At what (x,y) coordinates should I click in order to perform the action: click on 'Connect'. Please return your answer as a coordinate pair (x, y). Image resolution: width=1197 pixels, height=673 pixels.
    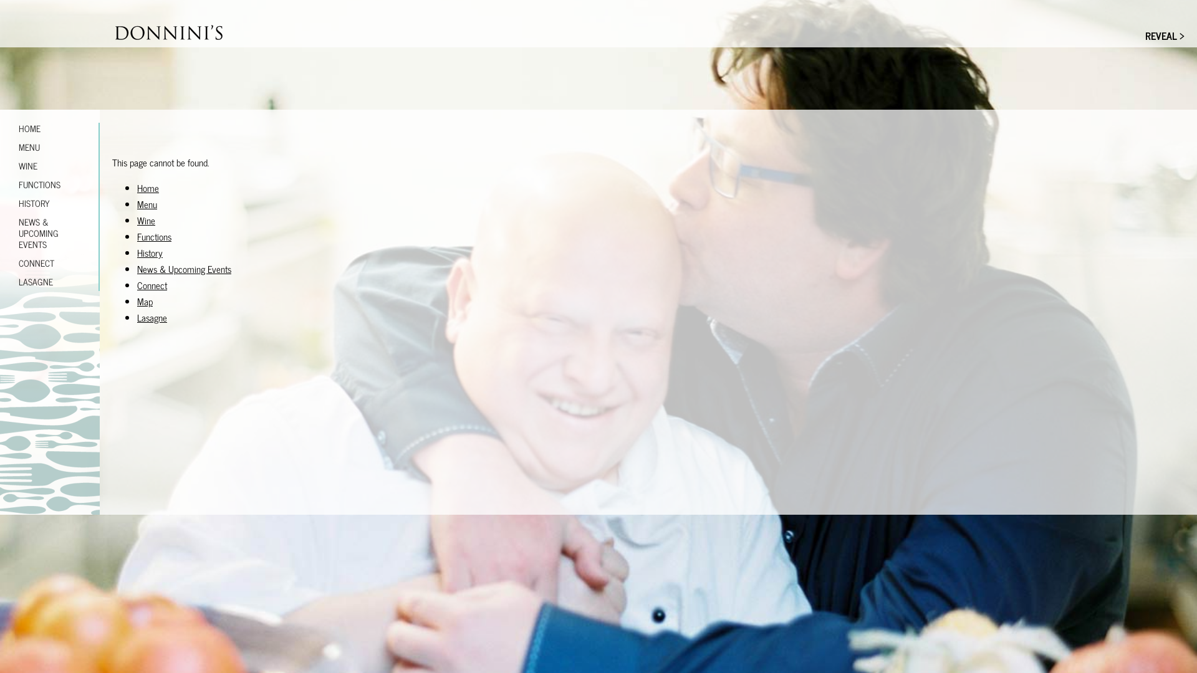
    Looking at the image, I should click on (151, 285).